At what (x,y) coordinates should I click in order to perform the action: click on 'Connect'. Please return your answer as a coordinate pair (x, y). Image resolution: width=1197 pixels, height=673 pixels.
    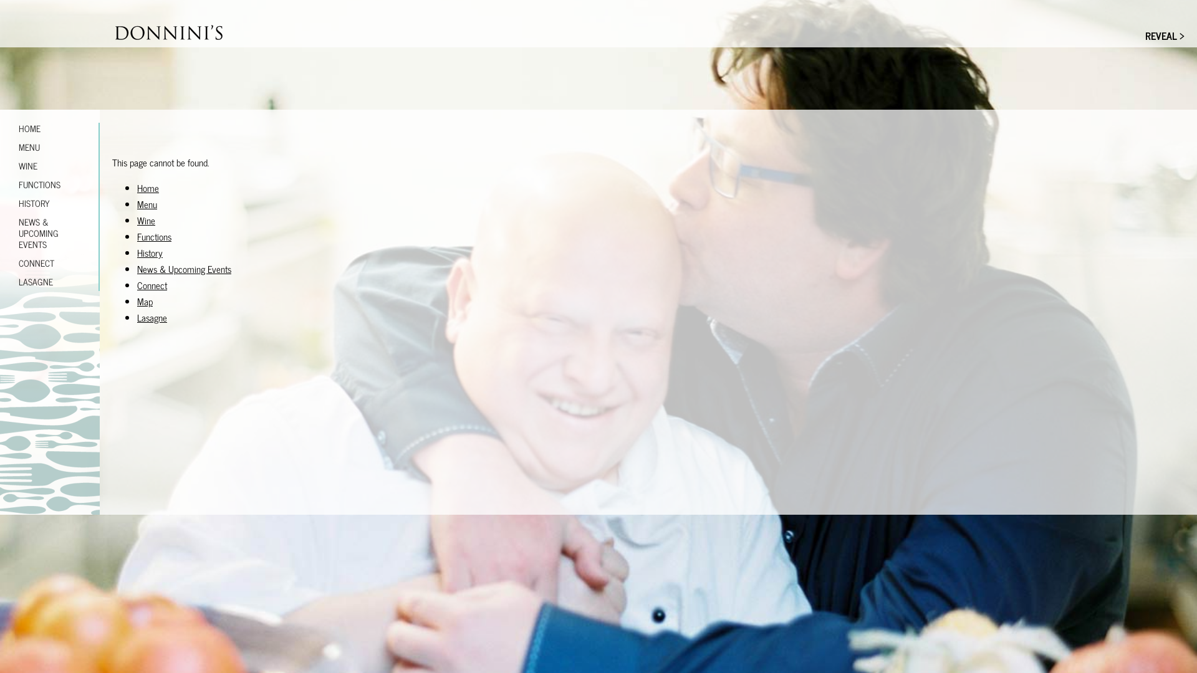
    Looking at the image, I should click on (151, 285).